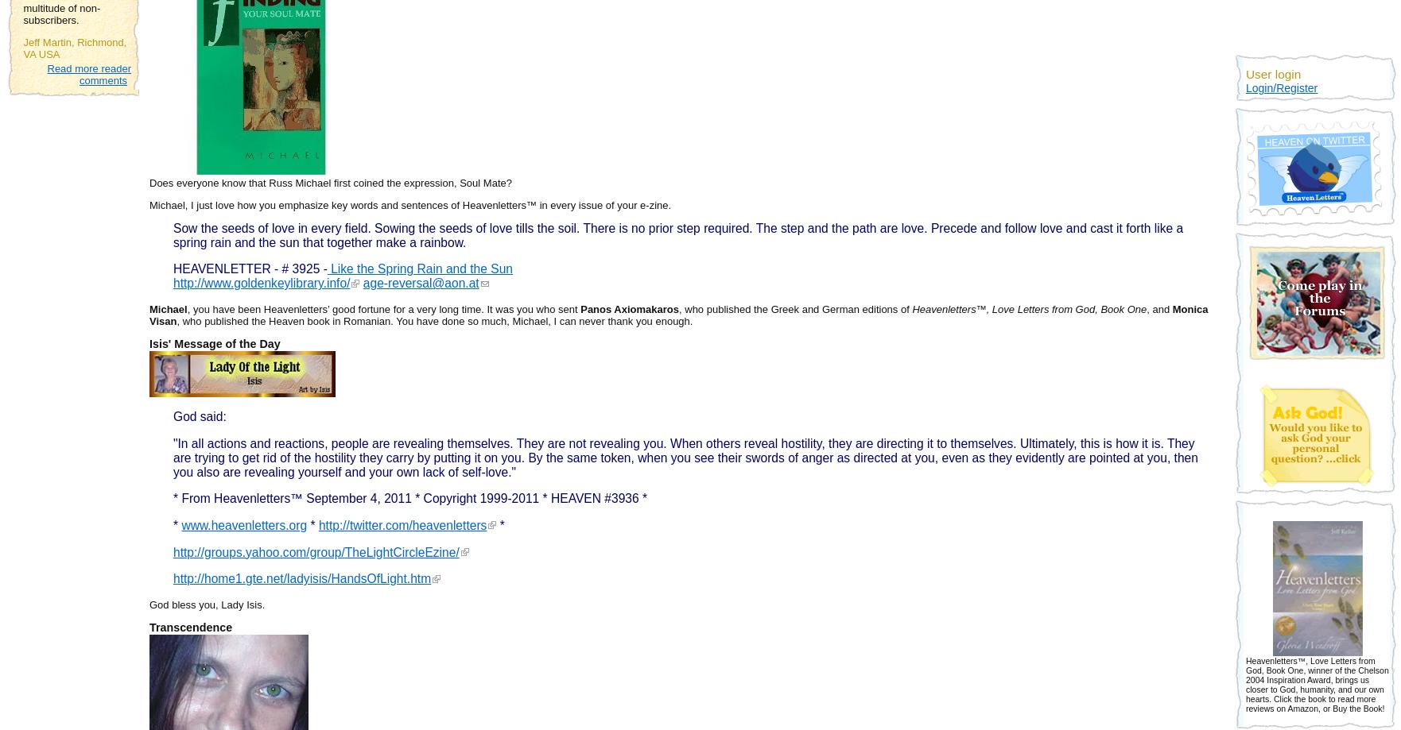  What do you see at coordinates (330, 182) in the screenshot?
I see `'Does everyone know that Russ Michael first coined the expression, Soul Mate?'` at bounding box center [330, 182].